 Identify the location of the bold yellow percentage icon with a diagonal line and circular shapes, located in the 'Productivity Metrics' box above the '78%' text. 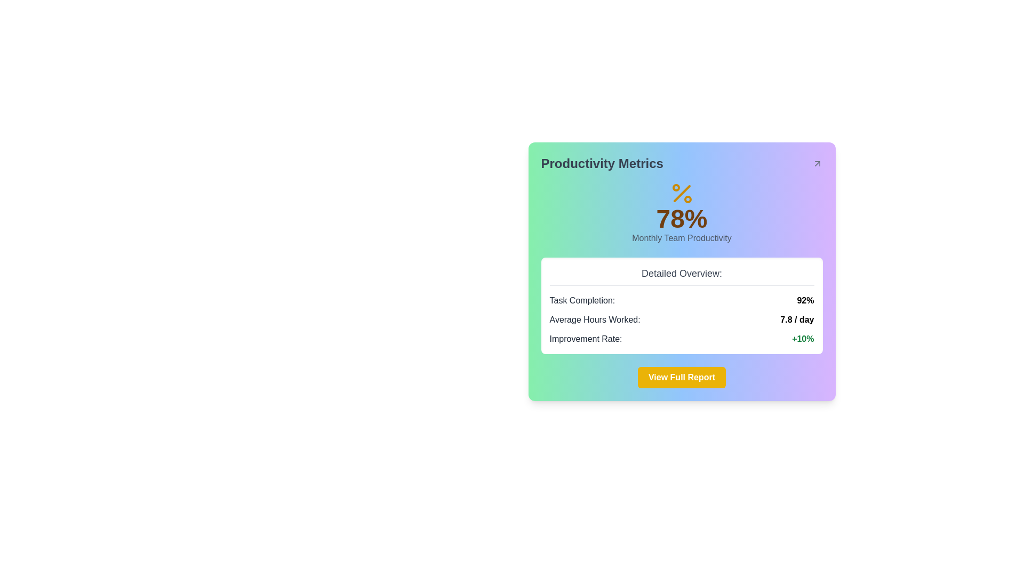
(681, 193).